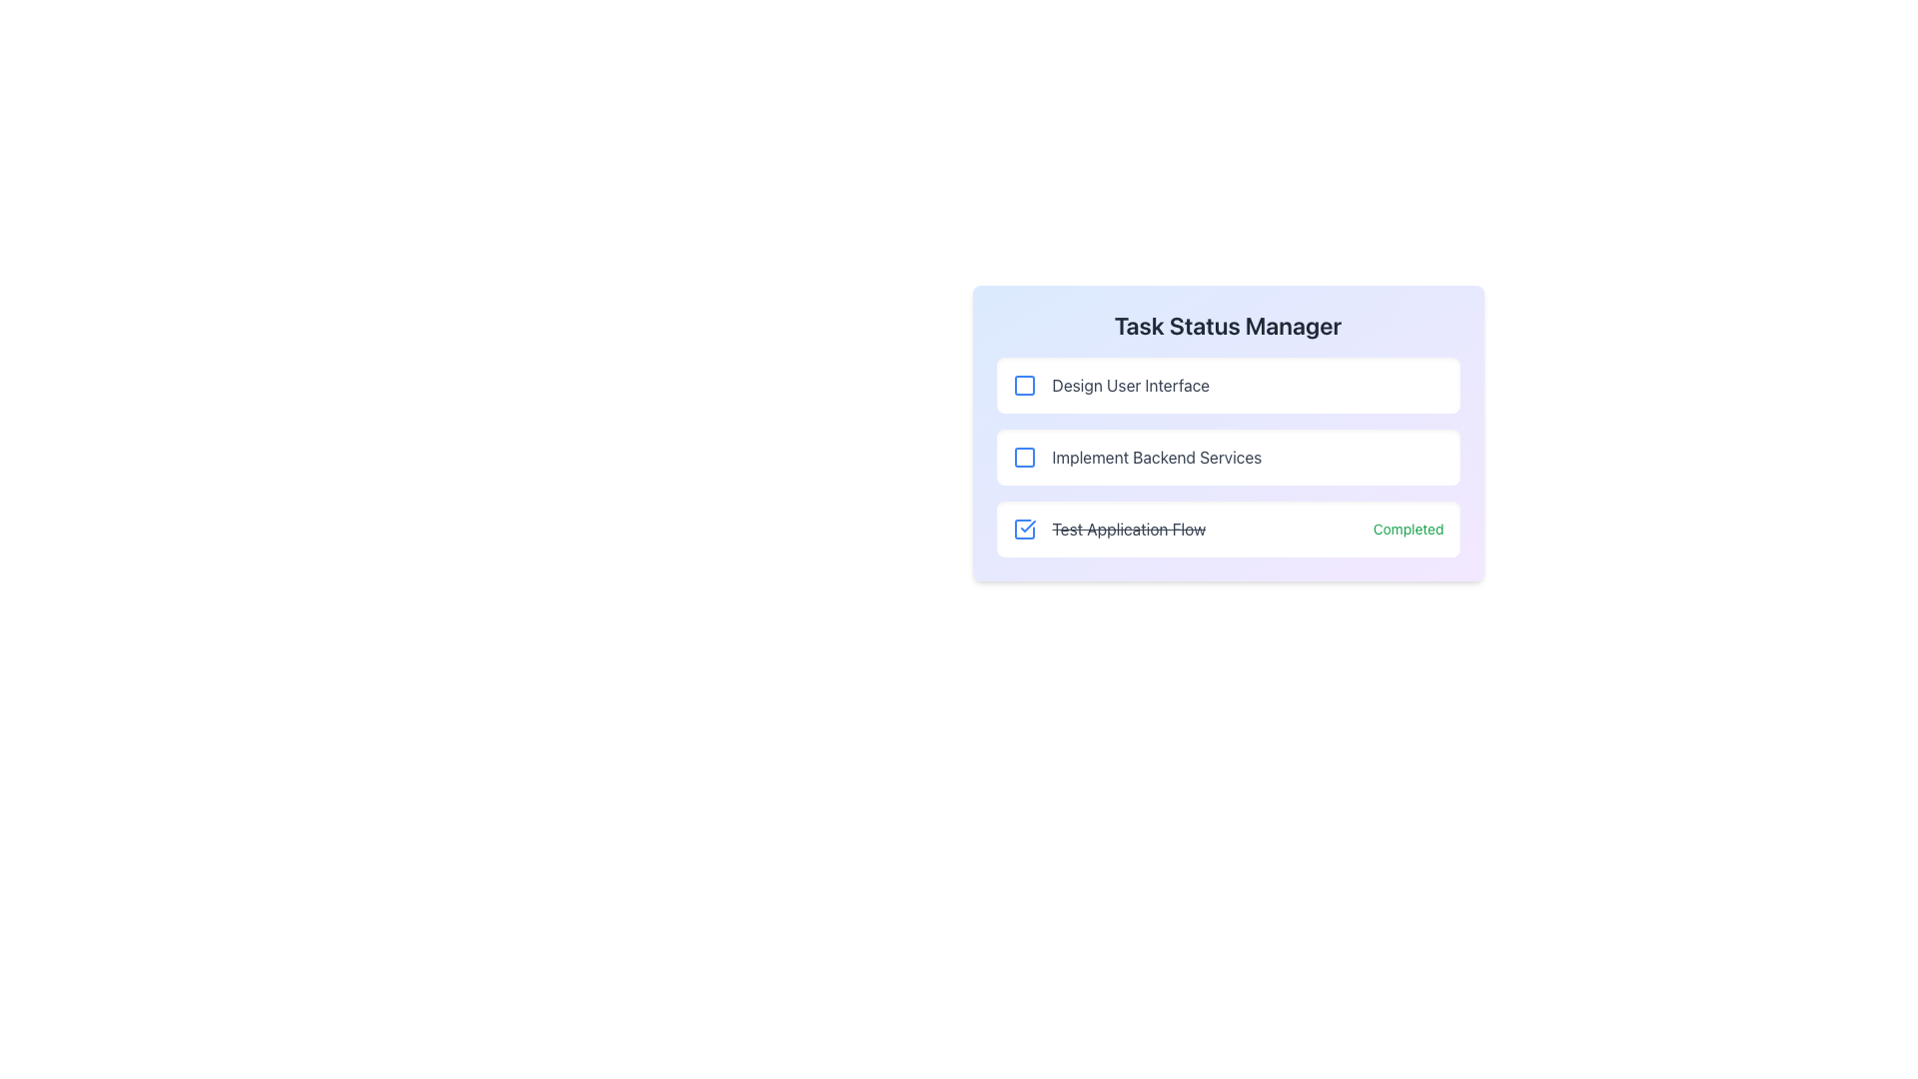 The width and height of the screenshot is (1918, 1079). Describe the element at coordinates (1137, 458) in the screenshot. I see `the text label 'Implement Backend Services' associated with its checkbox in the Task Status Manager card` at that location.